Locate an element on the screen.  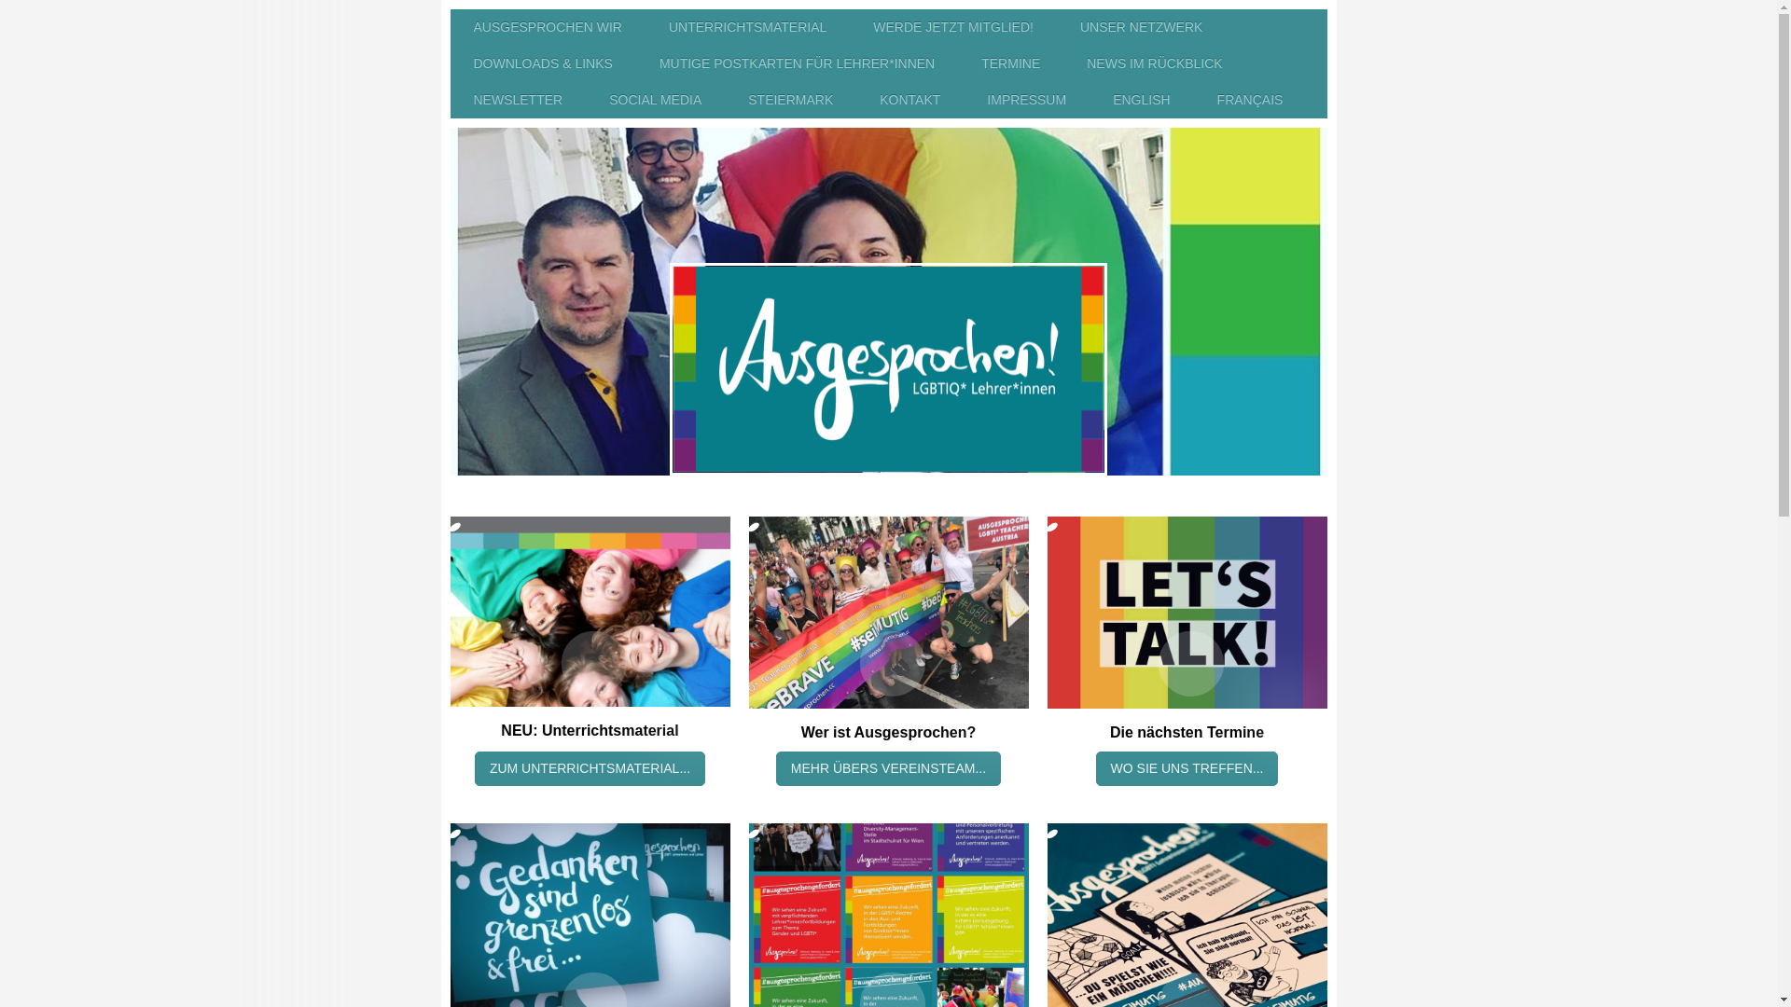
'STEIERMARK' is located at coordinates (790, 100).